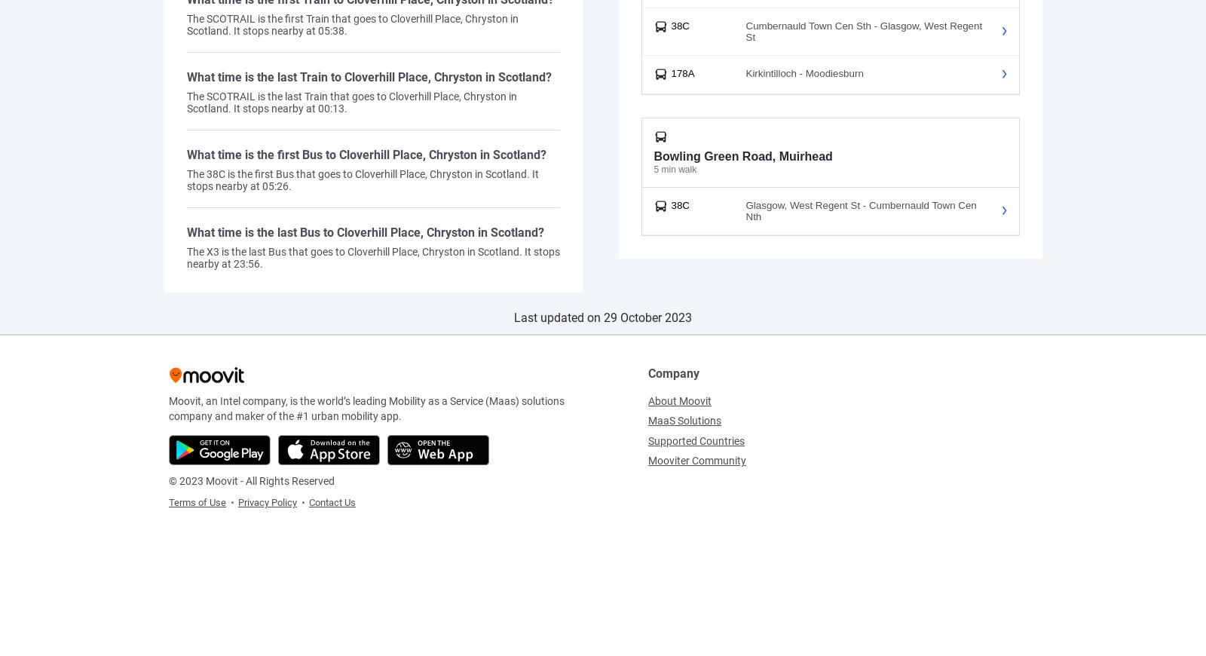 This screenshot has width=1206, height=656. I want to click on 'Glasgow, West Regent St - Cumbernauld Town Cen Nth', so click(744, 210).